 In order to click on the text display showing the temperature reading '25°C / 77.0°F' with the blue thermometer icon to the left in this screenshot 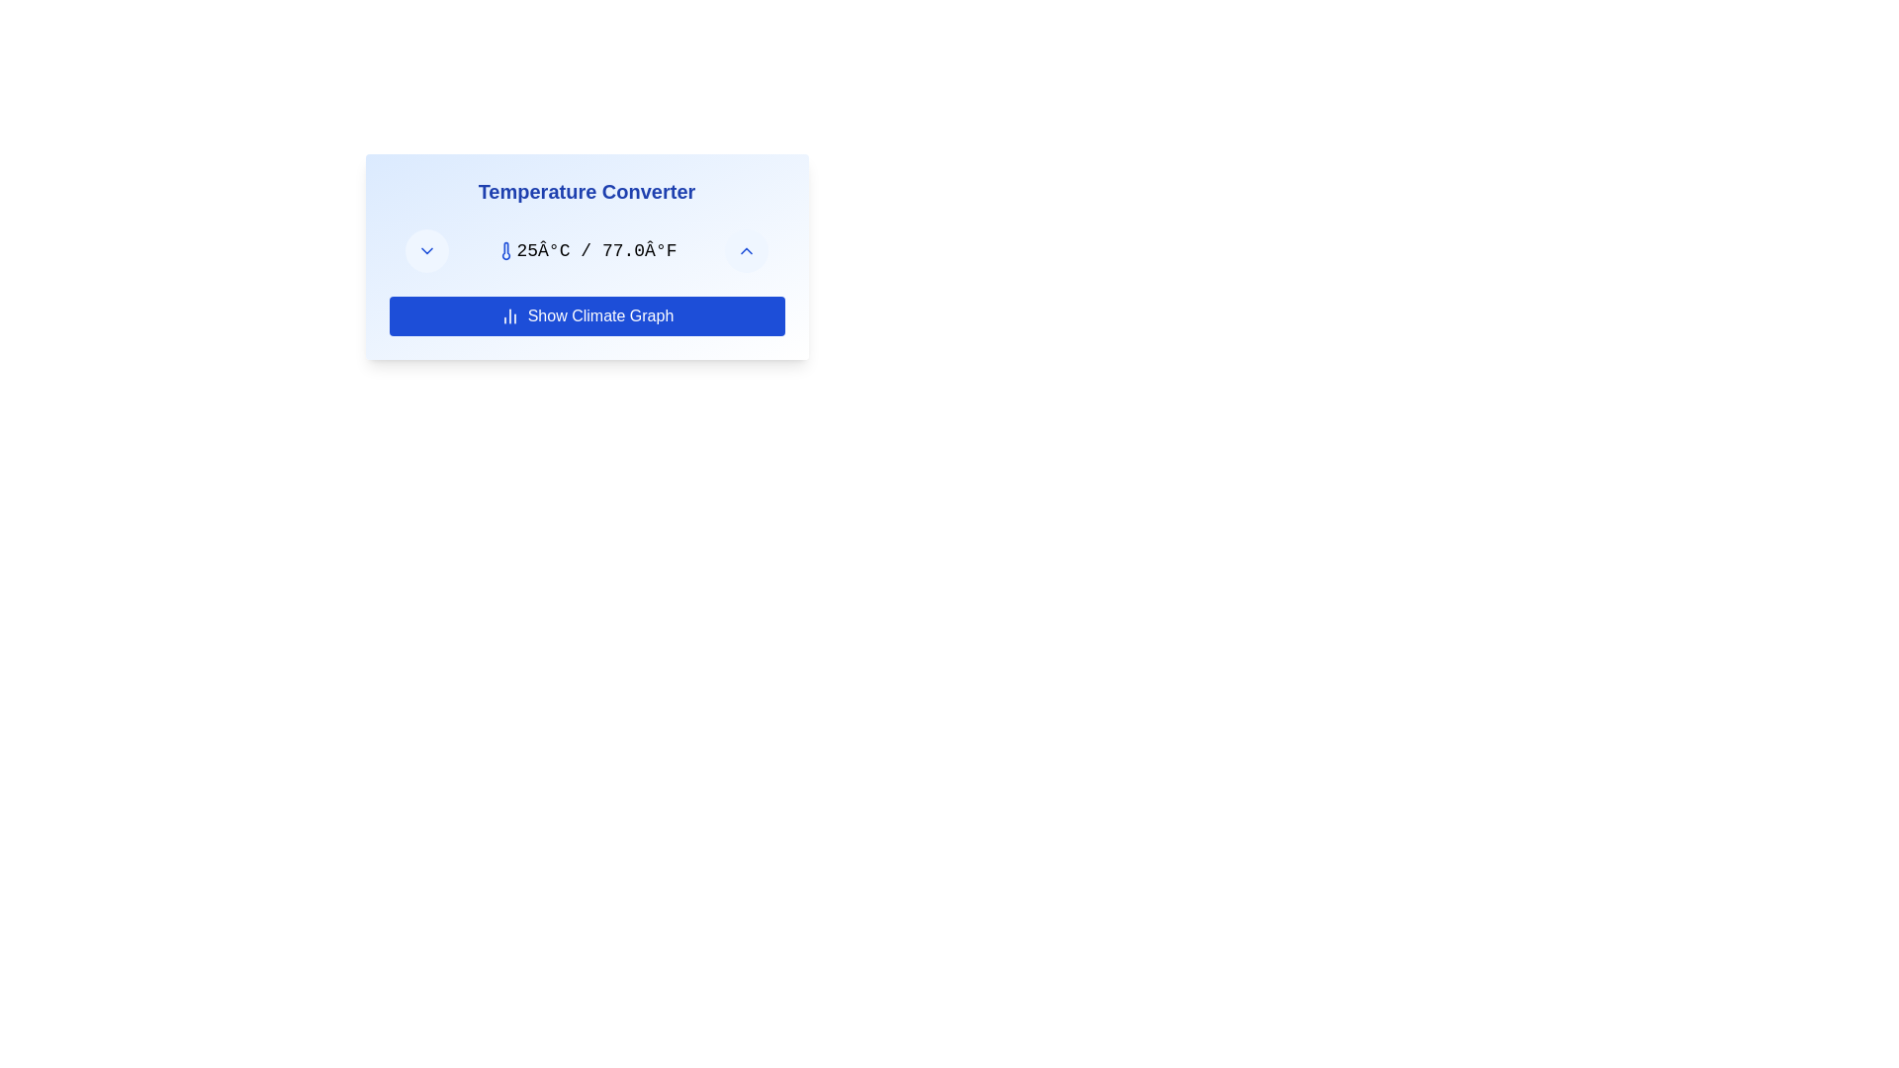, I will do `click(586, 250)`.